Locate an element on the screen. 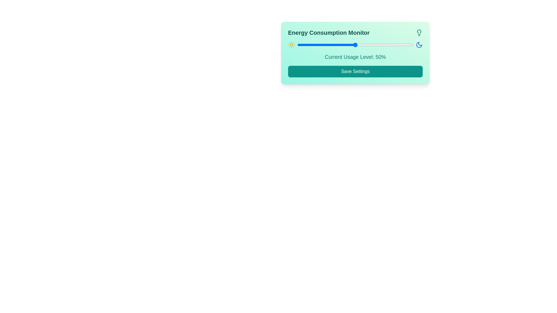  'Save Settings' button to save the current settings is located at coordinates (355, 71).